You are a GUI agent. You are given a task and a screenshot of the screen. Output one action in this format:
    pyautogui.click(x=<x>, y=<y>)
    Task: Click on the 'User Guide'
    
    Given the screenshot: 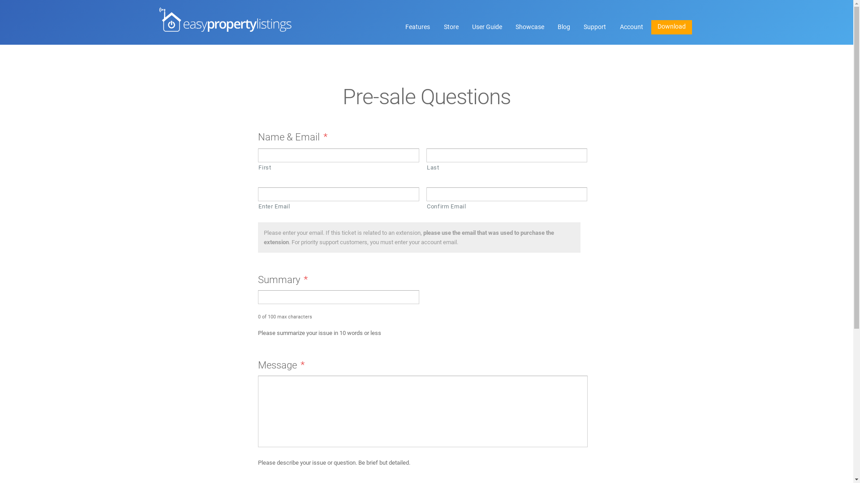 What is the action you would take?
    pyautogui.click(x=466, y=27)
    